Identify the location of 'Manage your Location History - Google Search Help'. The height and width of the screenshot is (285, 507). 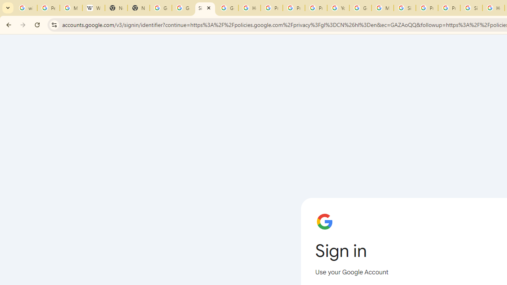
(71, 8).